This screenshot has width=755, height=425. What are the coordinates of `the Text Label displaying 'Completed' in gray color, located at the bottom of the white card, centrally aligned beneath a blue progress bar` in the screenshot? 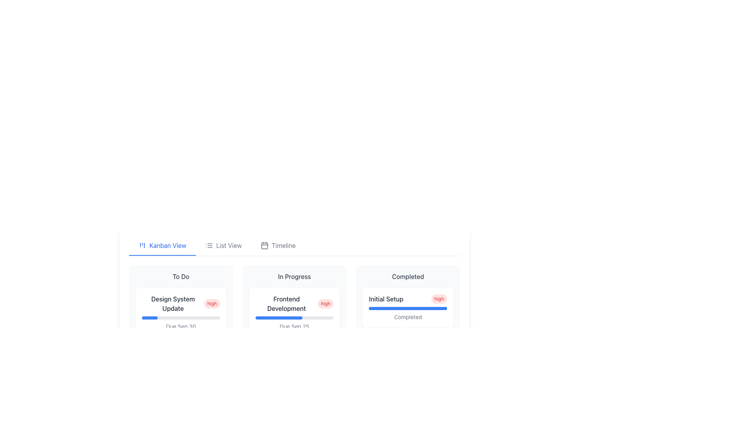 It's located at (408, 317).